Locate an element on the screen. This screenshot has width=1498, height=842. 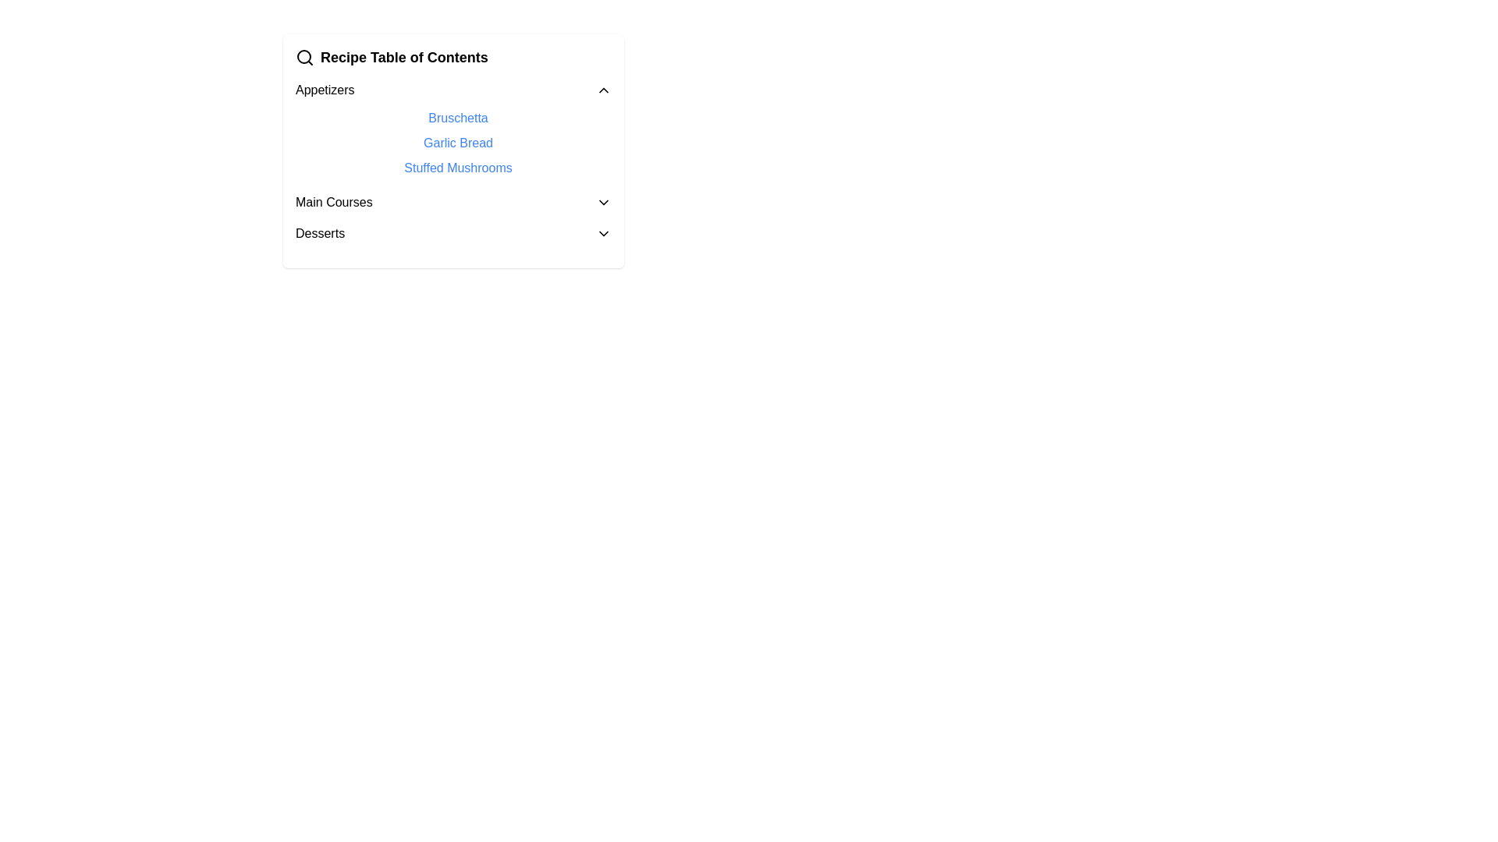
the text link styled in blue with an underline that displays the word 'Bruschetta' under the 'Appetizers' section of the Recipe Table of Contents is located at coordinates (459, 117).